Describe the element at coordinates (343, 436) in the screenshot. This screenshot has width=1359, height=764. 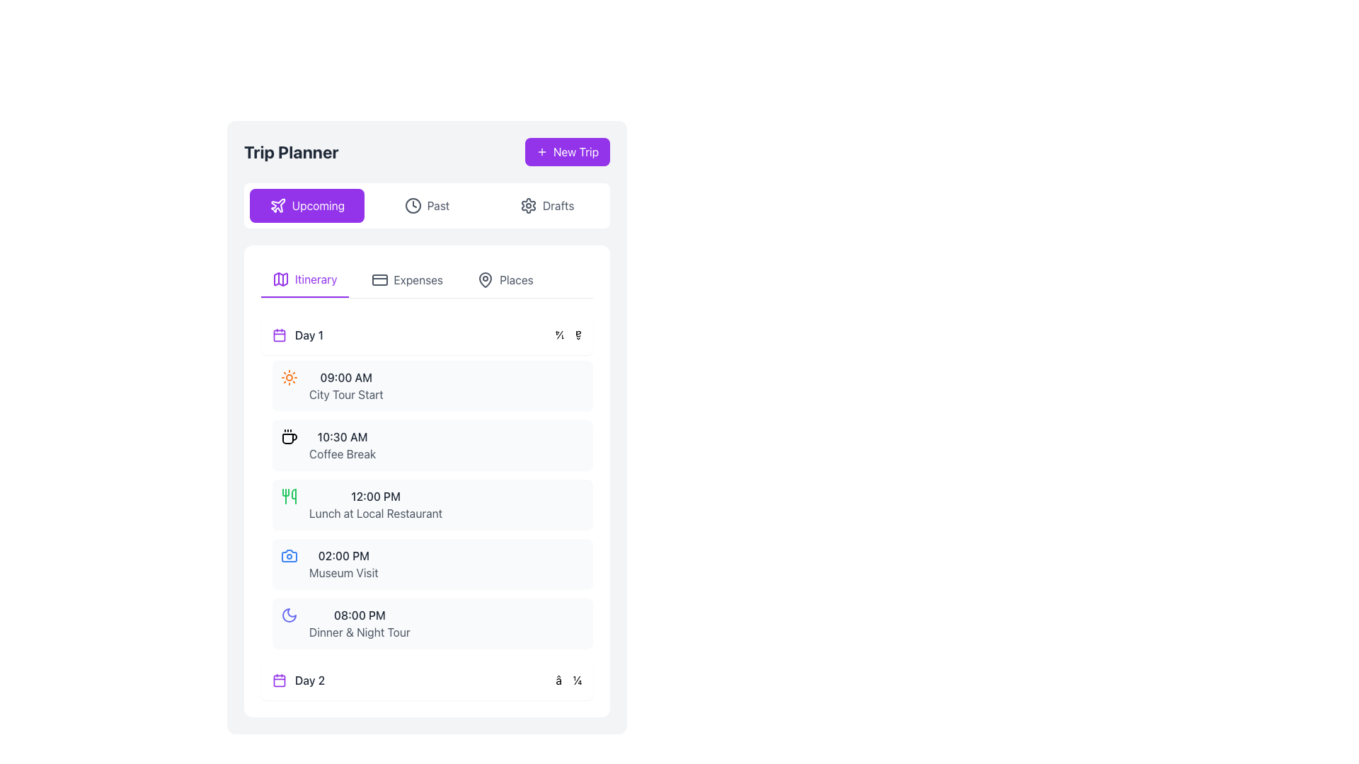
I see `the Text Label indicating the scheduled time for the coffee break in the 'Day 1' schedule of the Trip Planner interface` at that location.